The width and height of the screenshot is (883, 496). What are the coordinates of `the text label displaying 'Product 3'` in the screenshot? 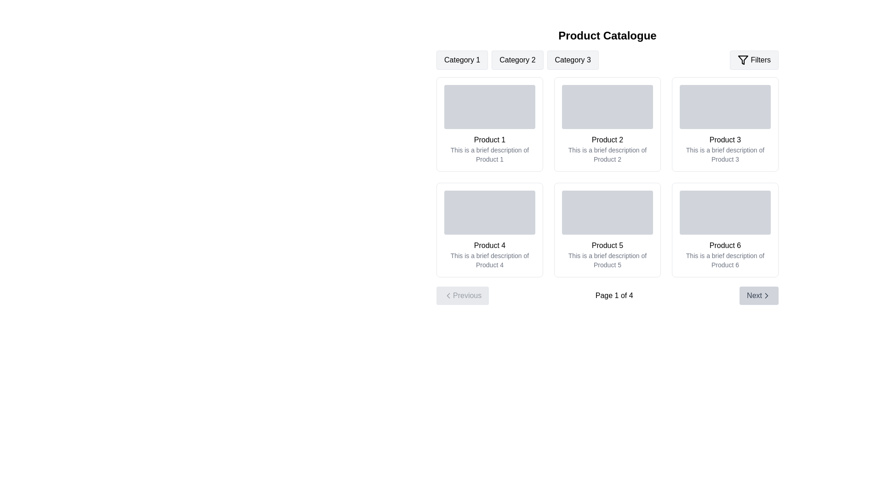 It's located at (725, 140).